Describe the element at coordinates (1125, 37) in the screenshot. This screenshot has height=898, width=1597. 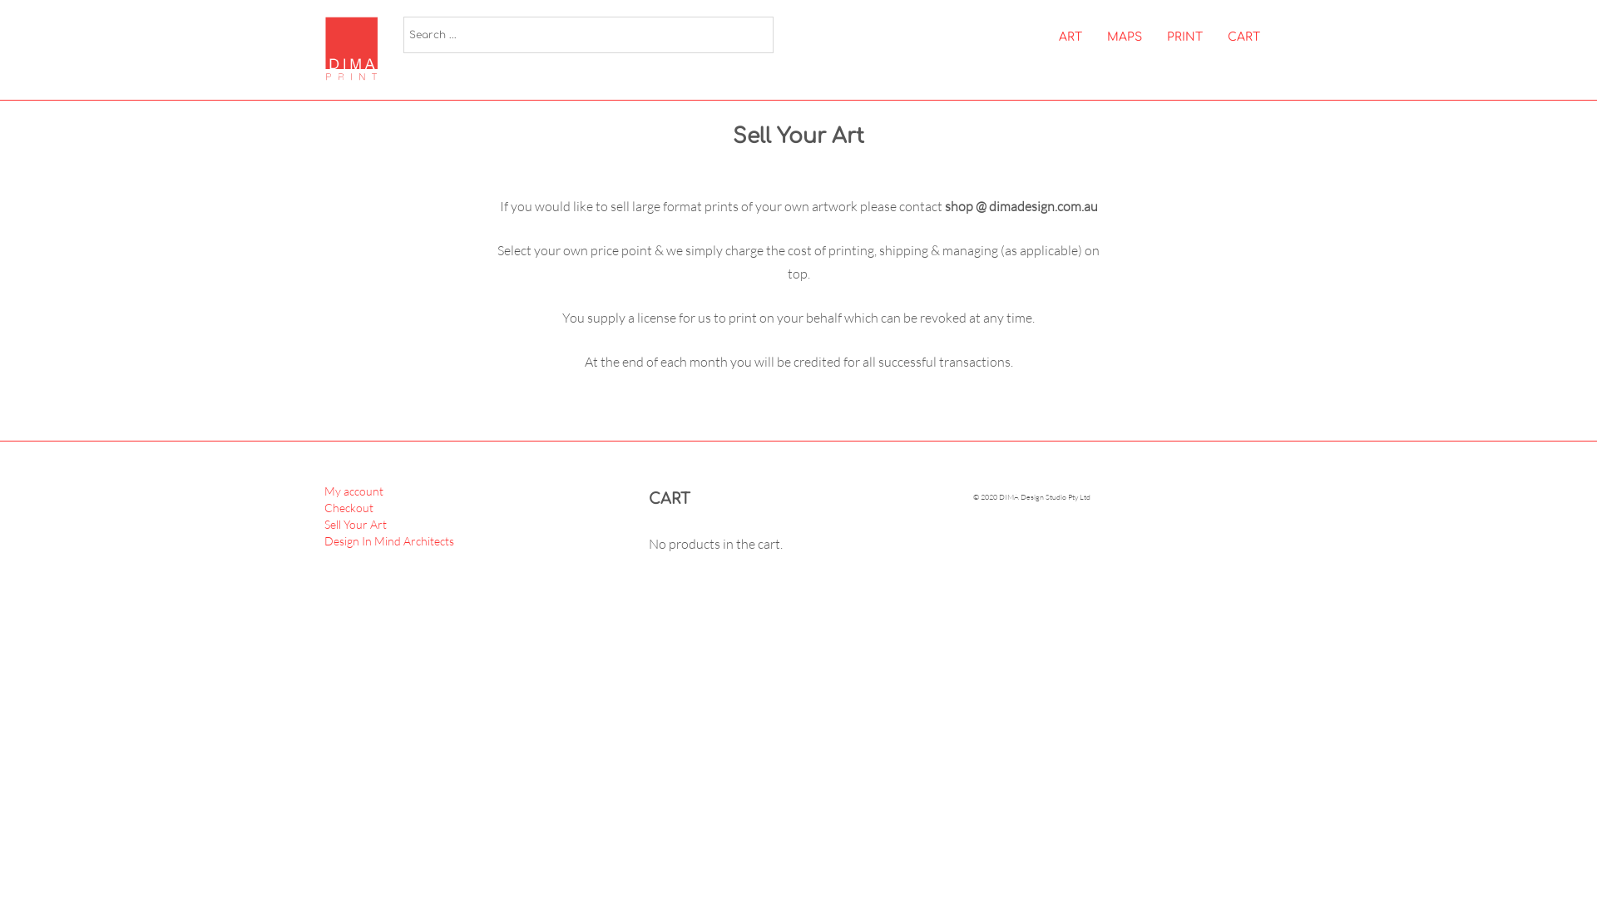
I see `'MAPS'` at that location.